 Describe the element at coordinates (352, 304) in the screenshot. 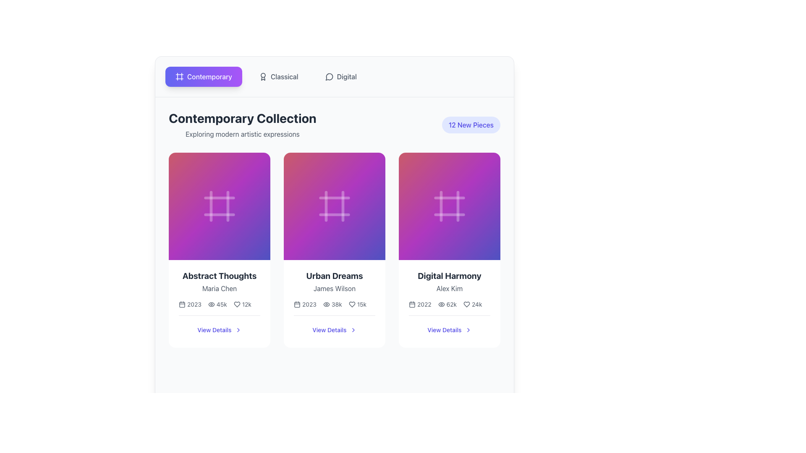

I see `the heart-shaped icon with a minimalistic design located in the lower section of the 'Urban Dreams' card` at that location.